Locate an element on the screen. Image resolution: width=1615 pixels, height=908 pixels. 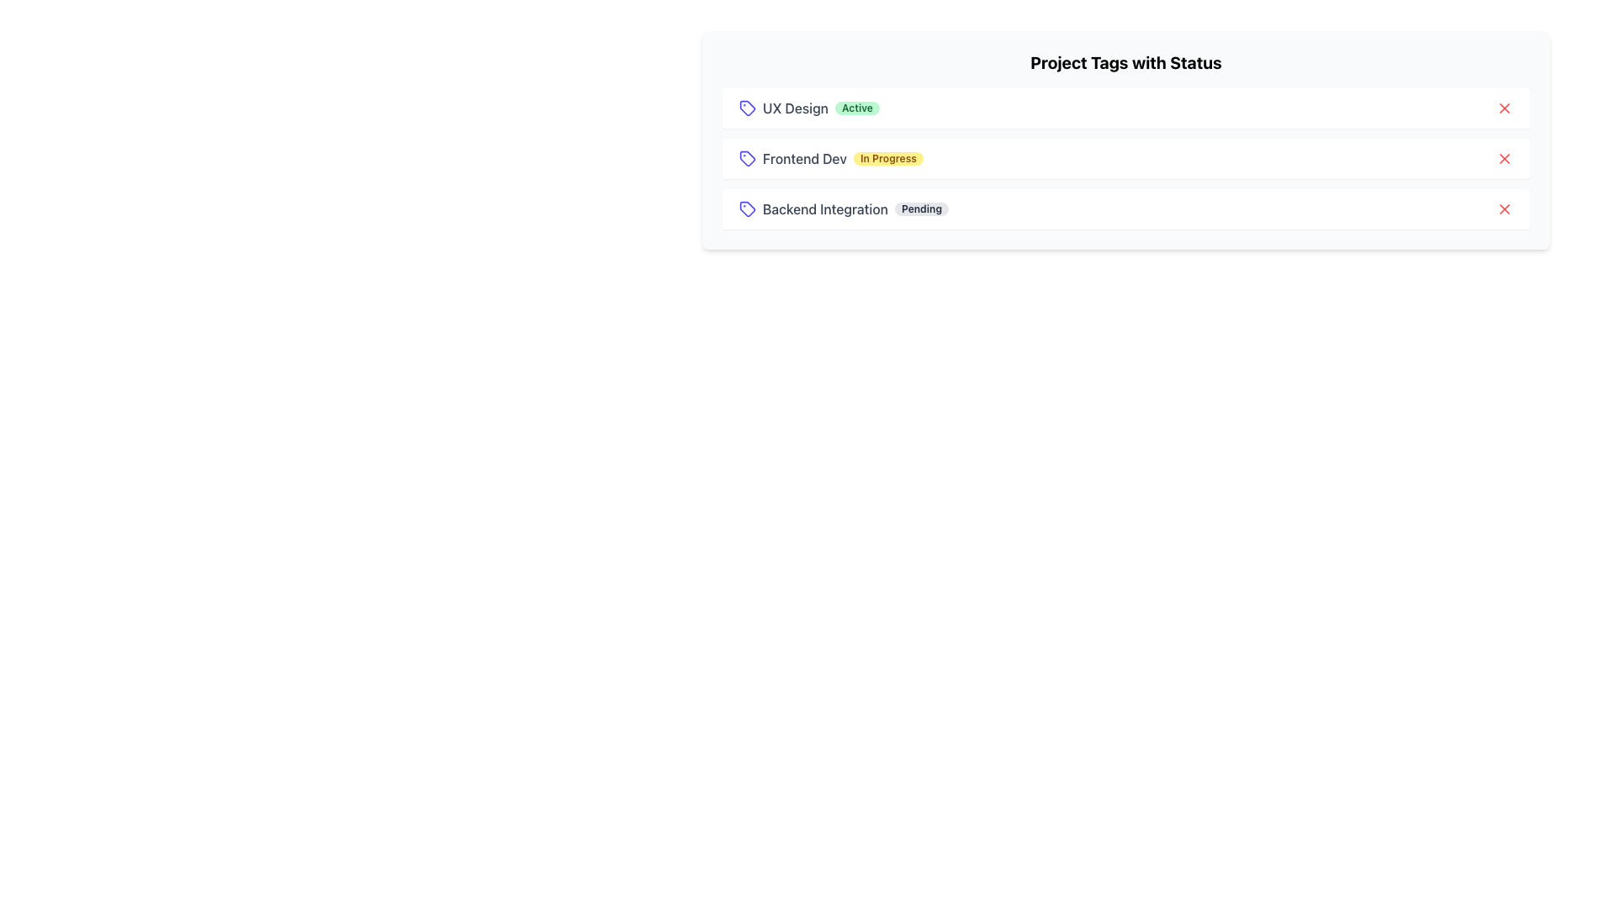
the text element that reads 'Backend Integration', which is styled in gray and is the third item under 'Project Tags with Status' is located at coordinates (825, 209).